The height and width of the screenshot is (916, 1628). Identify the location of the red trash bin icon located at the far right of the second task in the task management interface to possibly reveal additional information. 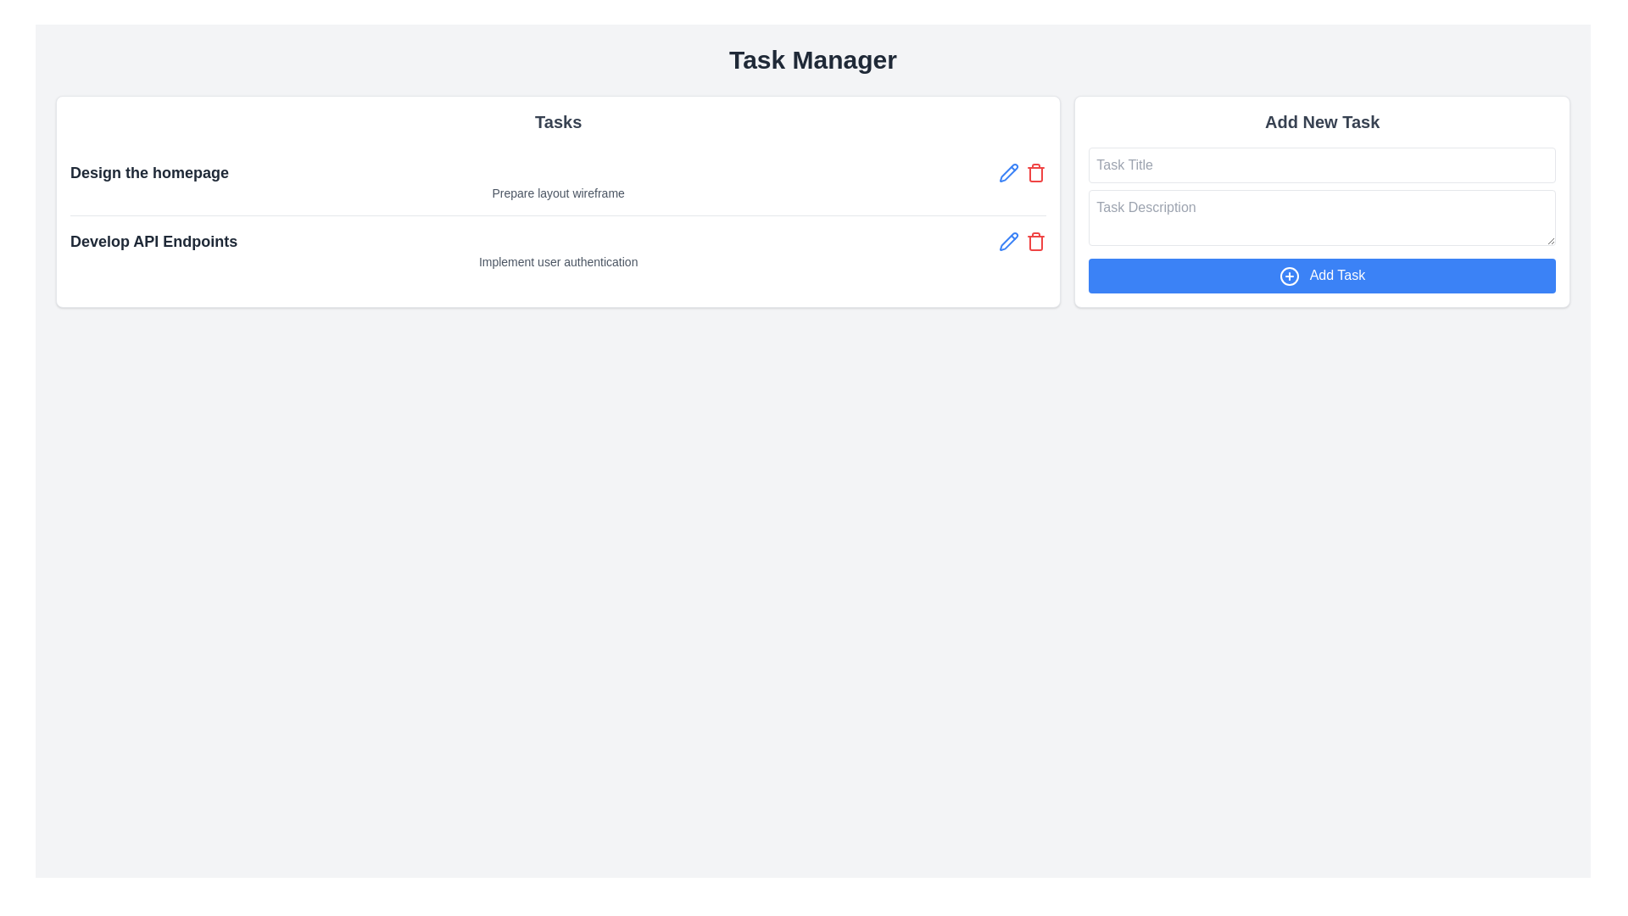
(1035, 242).